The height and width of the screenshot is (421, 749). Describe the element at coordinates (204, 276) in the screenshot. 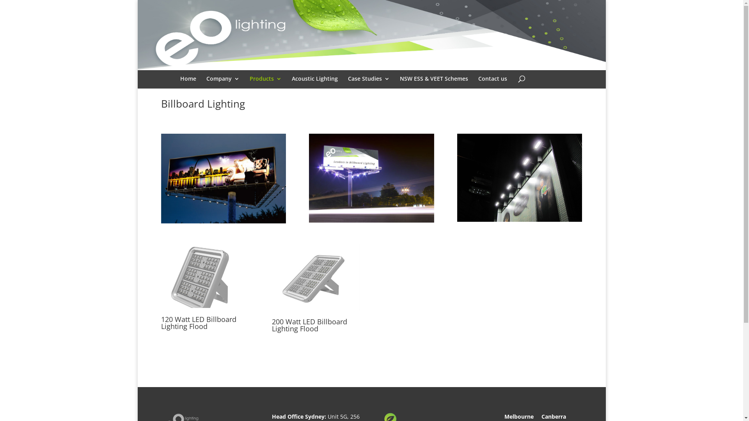

I see `'120 Watt LED Billboard Lighting Flood'` at that location.